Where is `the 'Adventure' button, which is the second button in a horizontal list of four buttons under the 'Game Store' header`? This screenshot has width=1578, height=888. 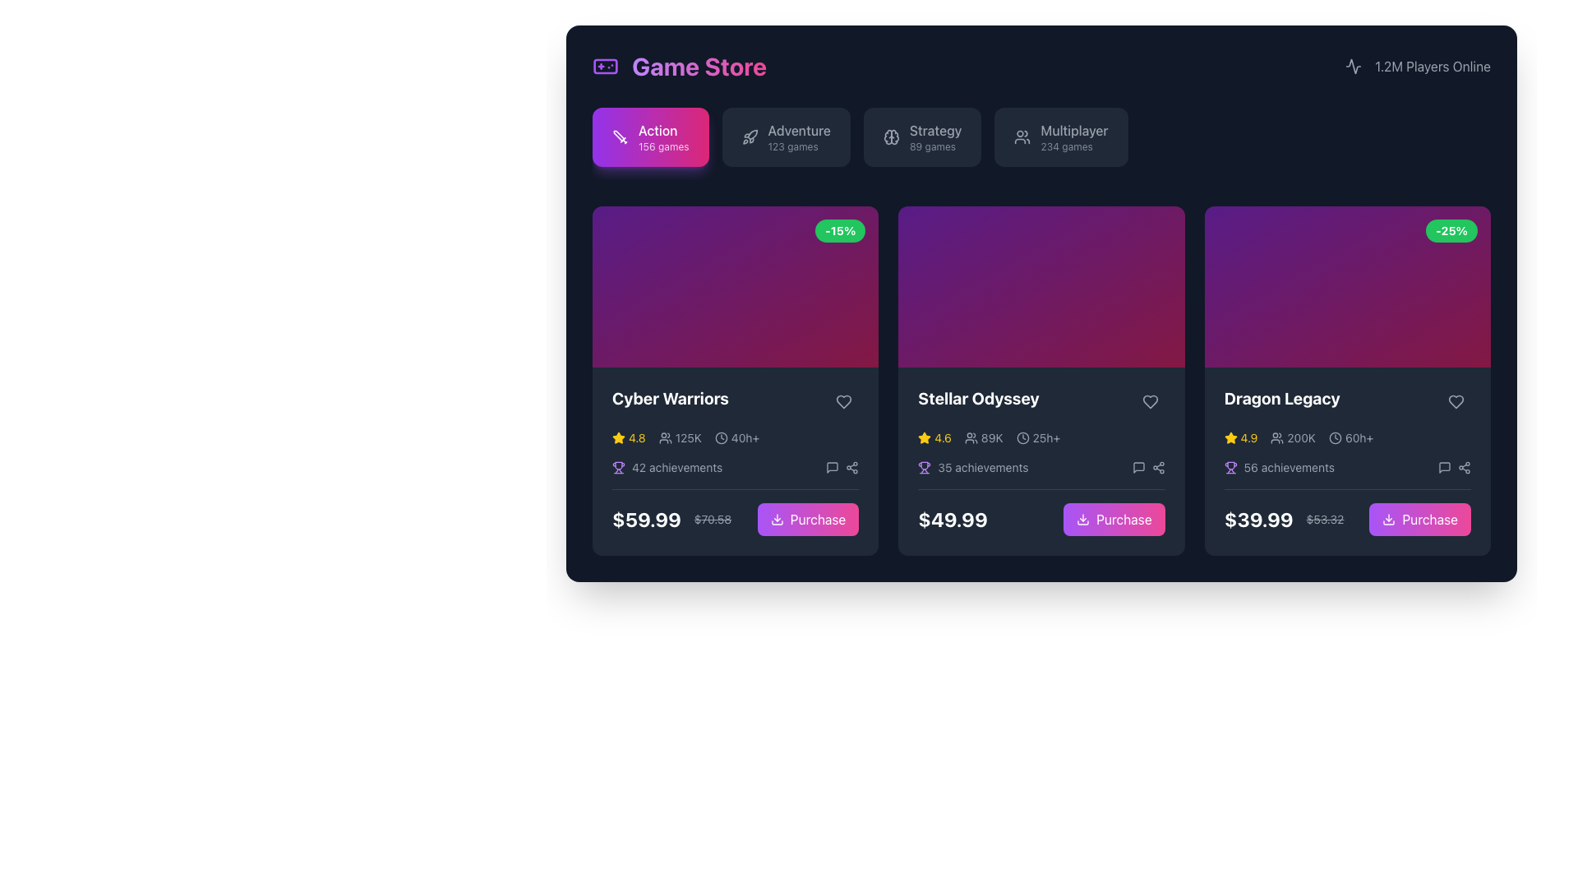 the 'Adventure' button, which is the second button in a horizontal list of four buttons under the 'Game Store' header is located at coordinates (799, 136).